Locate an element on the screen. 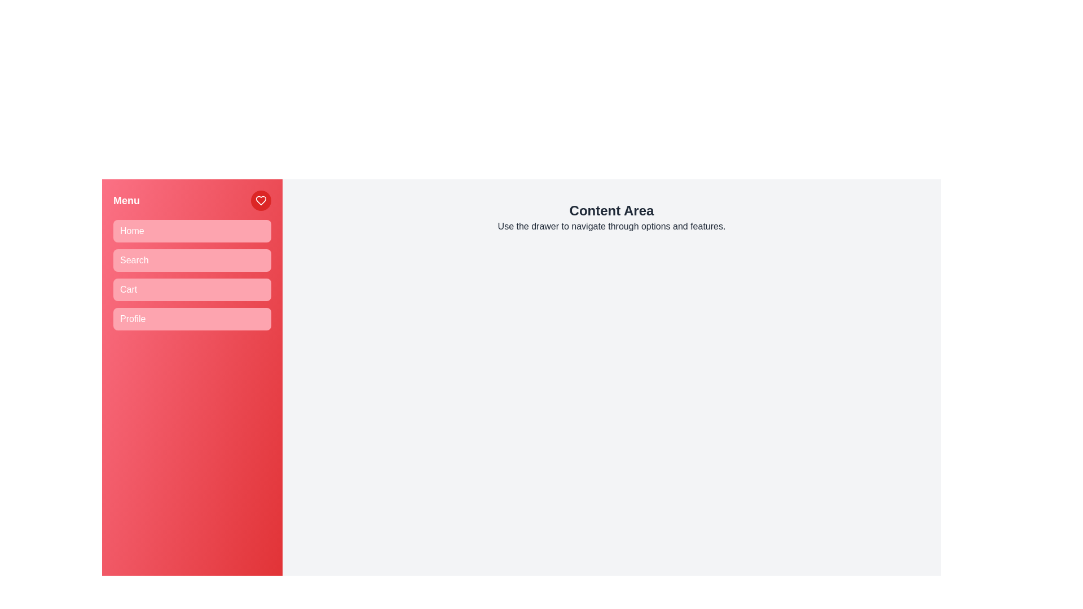 Image resolution: width=1083 pixels, height=609 pixels. the Profile button to navigate to the corresponding section is located at coordinates (192, 319).